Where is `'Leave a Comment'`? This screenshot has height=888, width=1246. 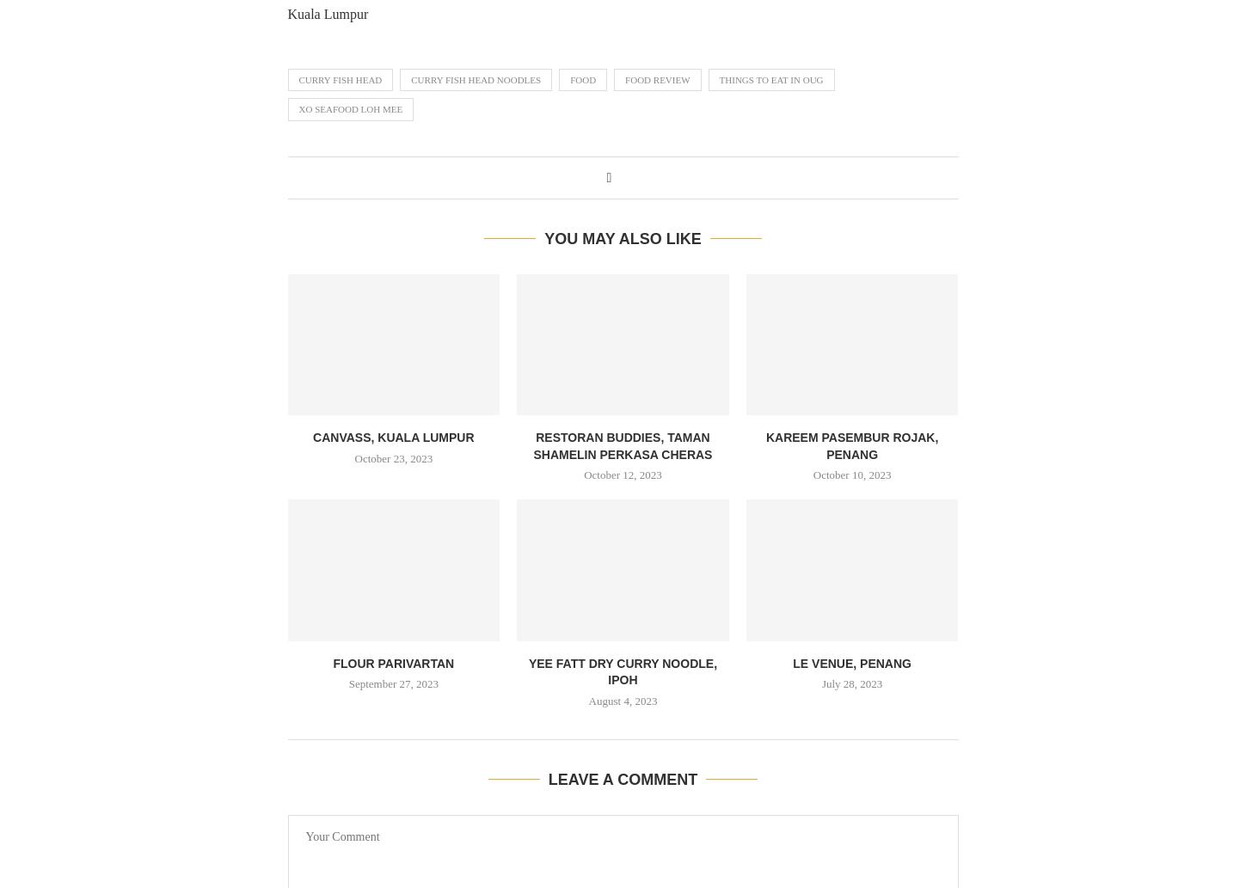
'Leave a Comment' is located at coordinates (547, 778).